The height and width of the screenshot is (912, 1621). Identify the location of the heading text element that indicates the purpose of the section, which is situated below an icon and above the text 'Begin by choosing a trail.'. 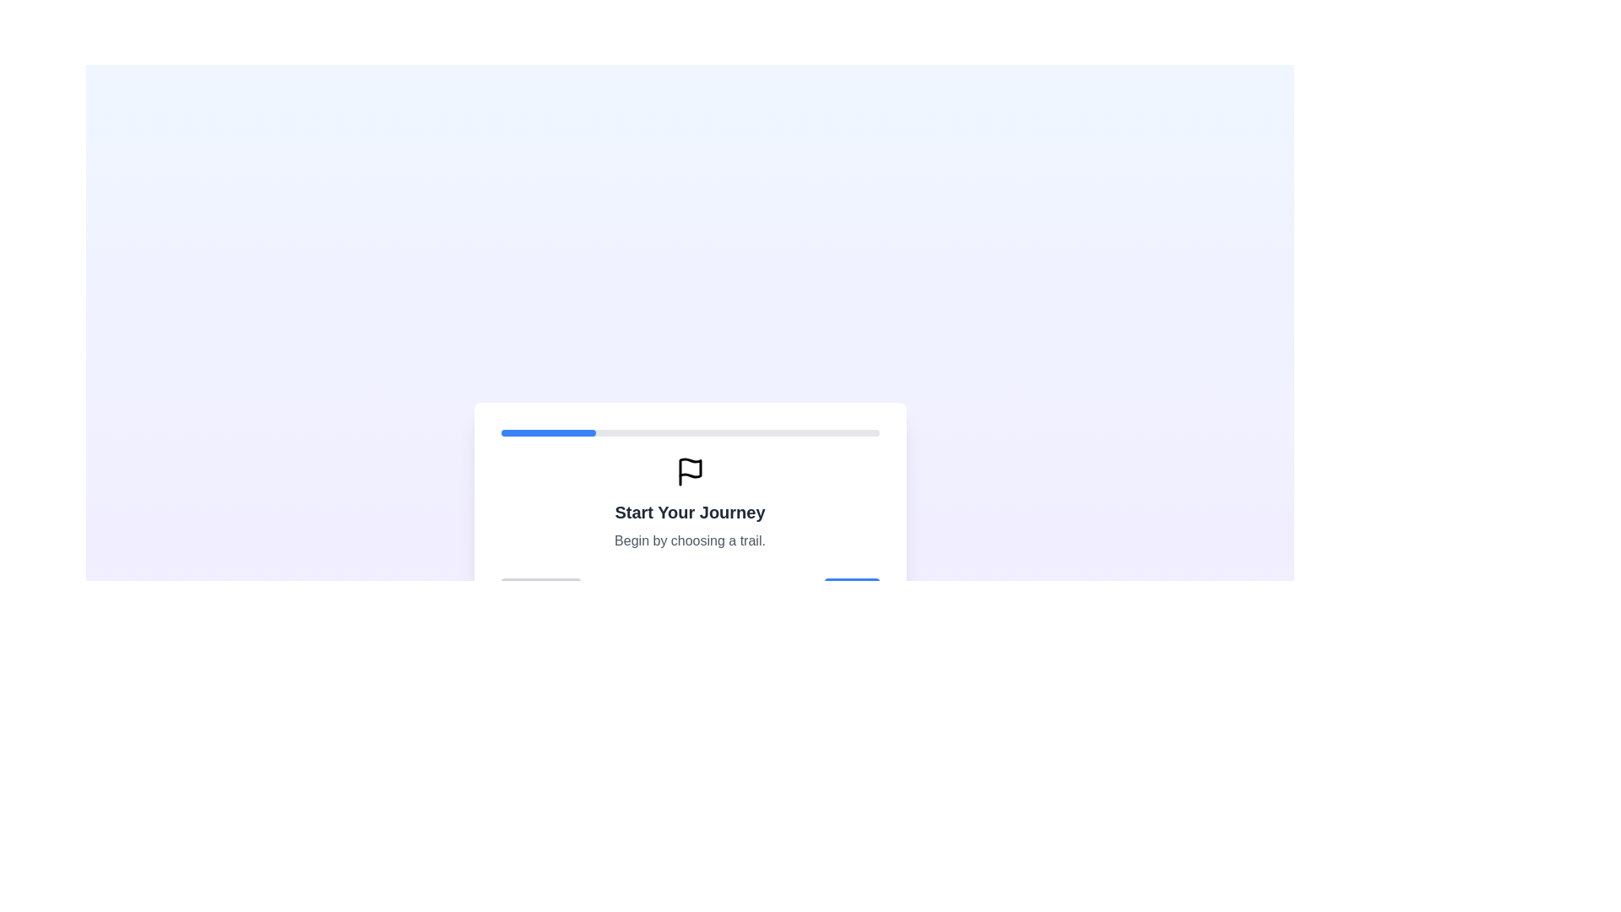
(690, 511).